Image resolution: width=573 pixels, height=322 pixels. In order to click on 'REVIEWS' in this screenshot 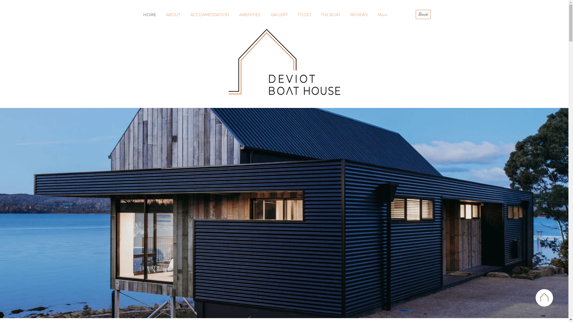, I will do `click(359, 14)`.